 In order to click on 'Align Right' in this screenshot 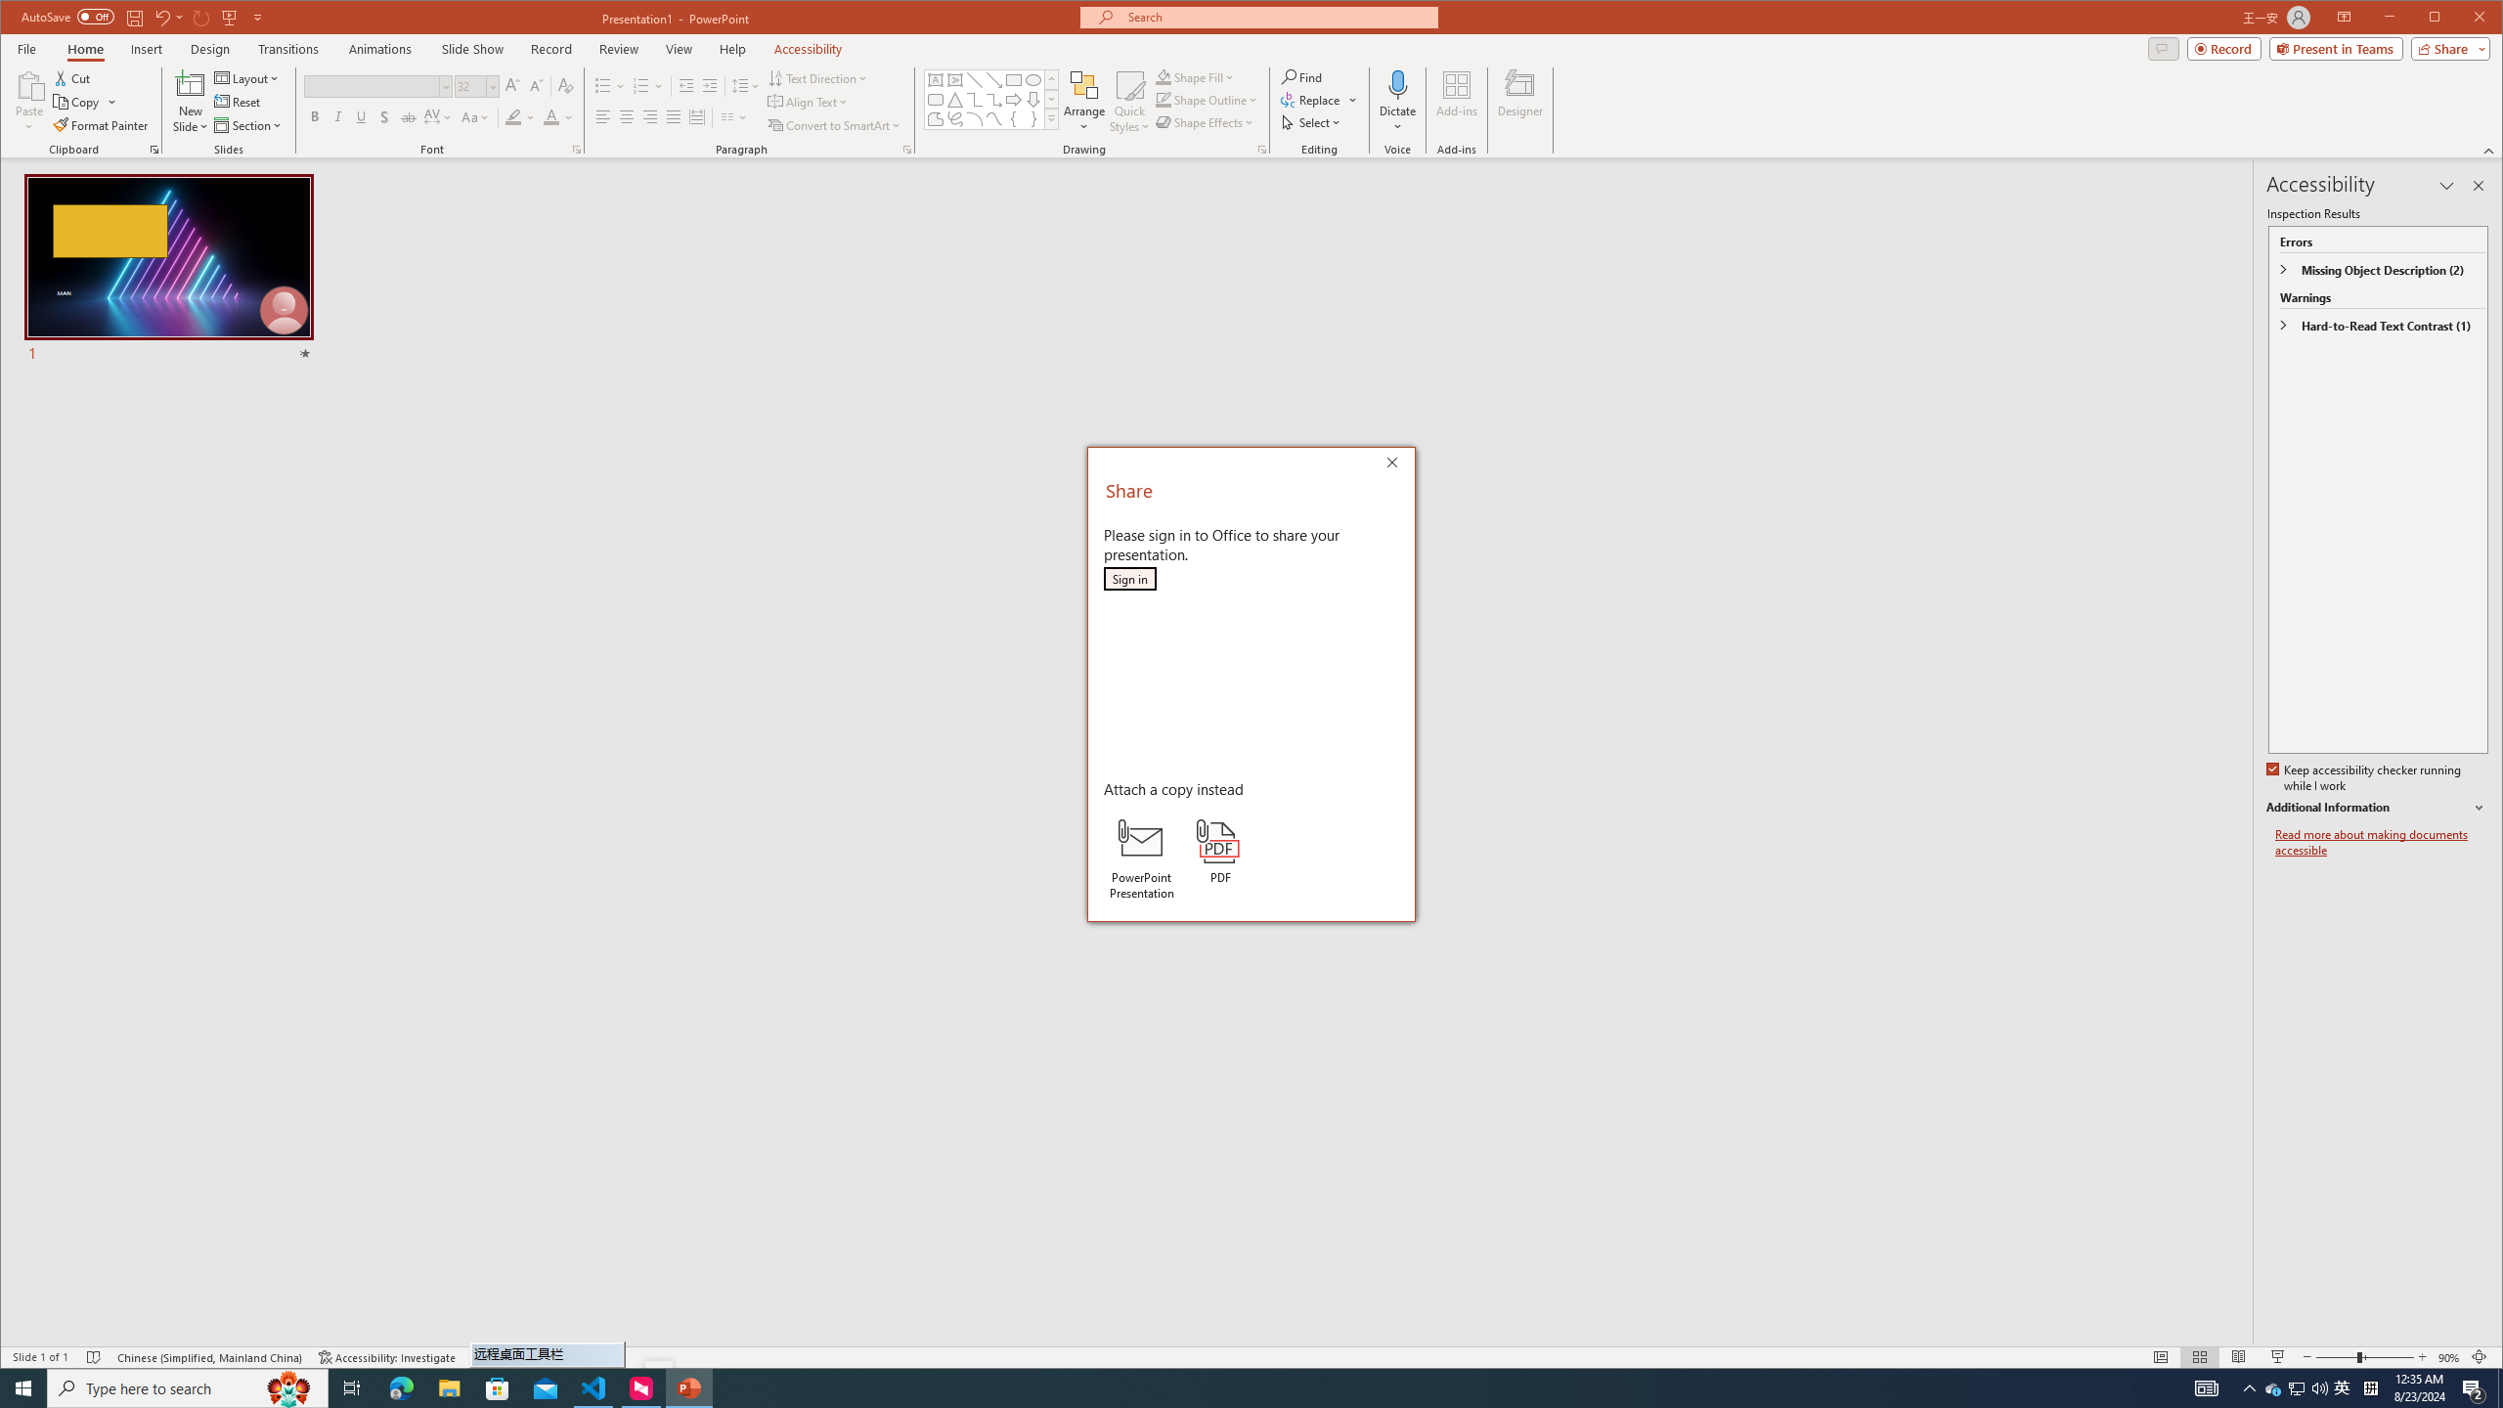, I will do `click(649, 116)`.